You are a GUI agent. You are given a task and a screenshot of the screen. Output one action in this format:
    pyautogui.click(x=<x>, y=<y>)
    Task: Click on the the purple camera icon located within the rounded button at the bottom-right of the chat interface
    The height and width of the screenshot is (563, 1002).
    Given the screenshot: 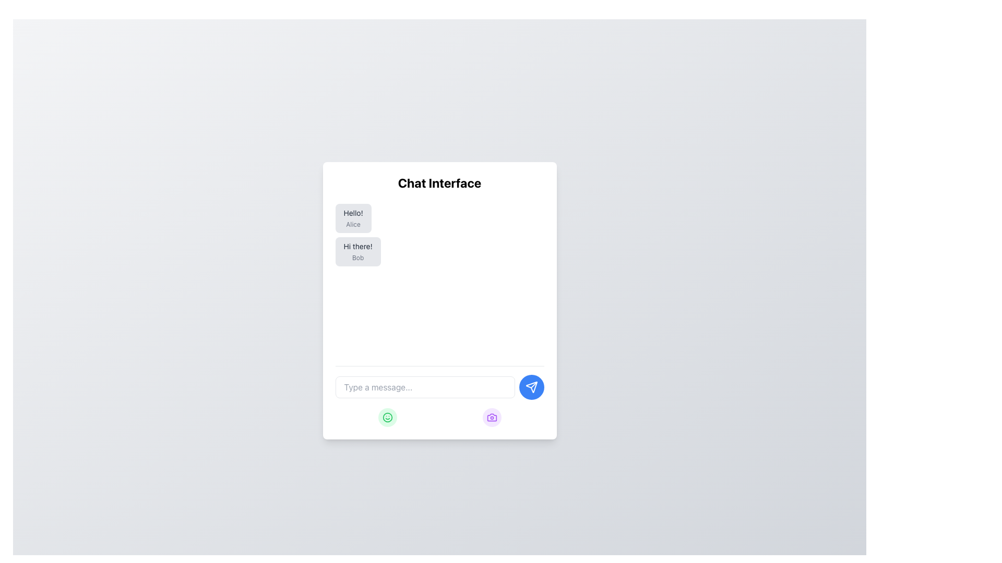 What is the action you would take?
    pyautogui.click(x=491, y=417)
    